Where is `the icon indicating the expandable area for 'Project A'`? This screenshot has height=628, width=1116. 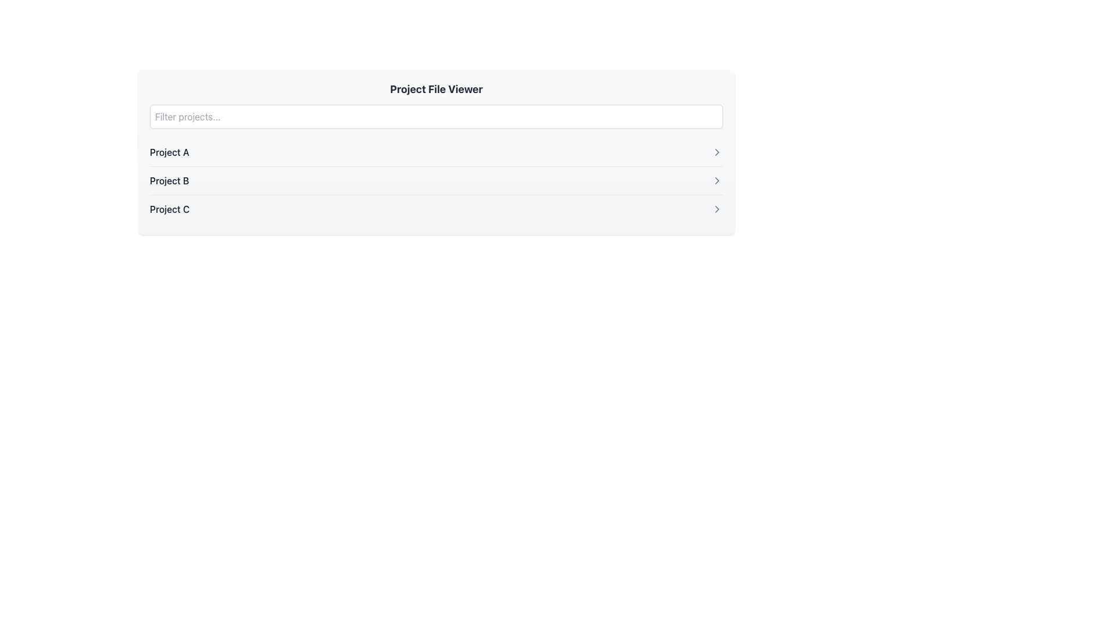
the icon indicating the expandable area for 'Project A' is located at coordinates (716, 152).